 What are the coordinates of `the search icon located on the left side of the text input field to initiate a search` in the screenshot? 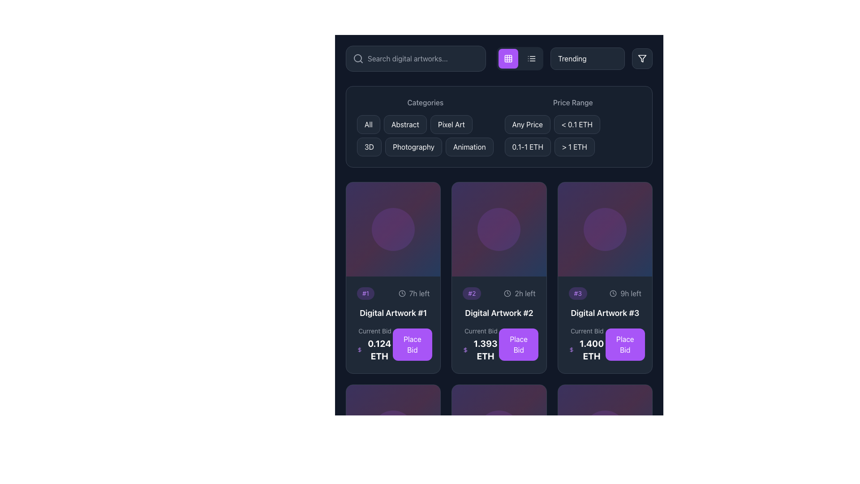 It's located at (358, 59).